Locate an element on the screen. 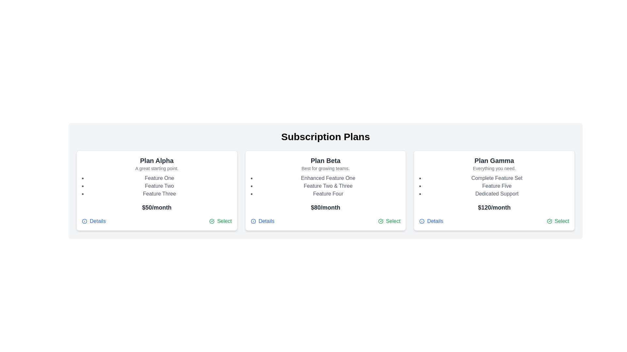 The image size is (627, 352). the Decorative Icon located near the 'Details' text below the 'Plan Gamma' subscription plan is located at coordinates (422, 221).